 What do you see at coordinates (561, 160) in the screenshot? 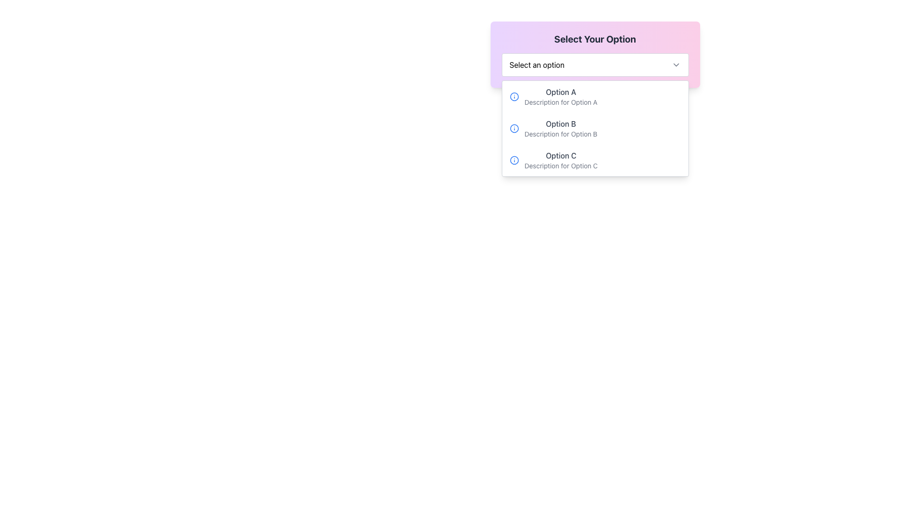
I see `the third option in the dropdown menu, labeled 'Option C', which is located directly below 'Option B'` at bounding box center [561, 160].